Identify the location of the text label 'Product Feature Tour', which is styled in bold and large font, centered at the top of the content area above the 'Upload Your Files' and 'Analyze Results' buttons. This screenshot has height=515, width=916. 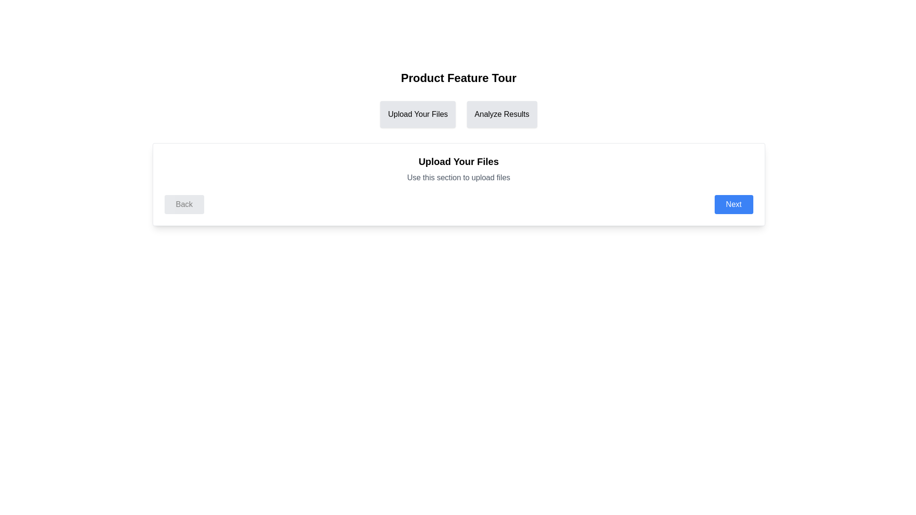
(458, 78).